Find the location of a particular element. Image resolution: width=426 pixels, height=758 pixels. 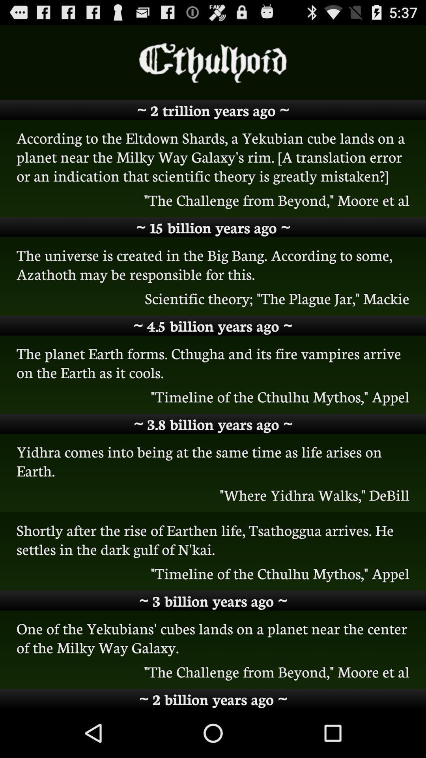

the 4 5 billion item is located at coordinates (213, 326).